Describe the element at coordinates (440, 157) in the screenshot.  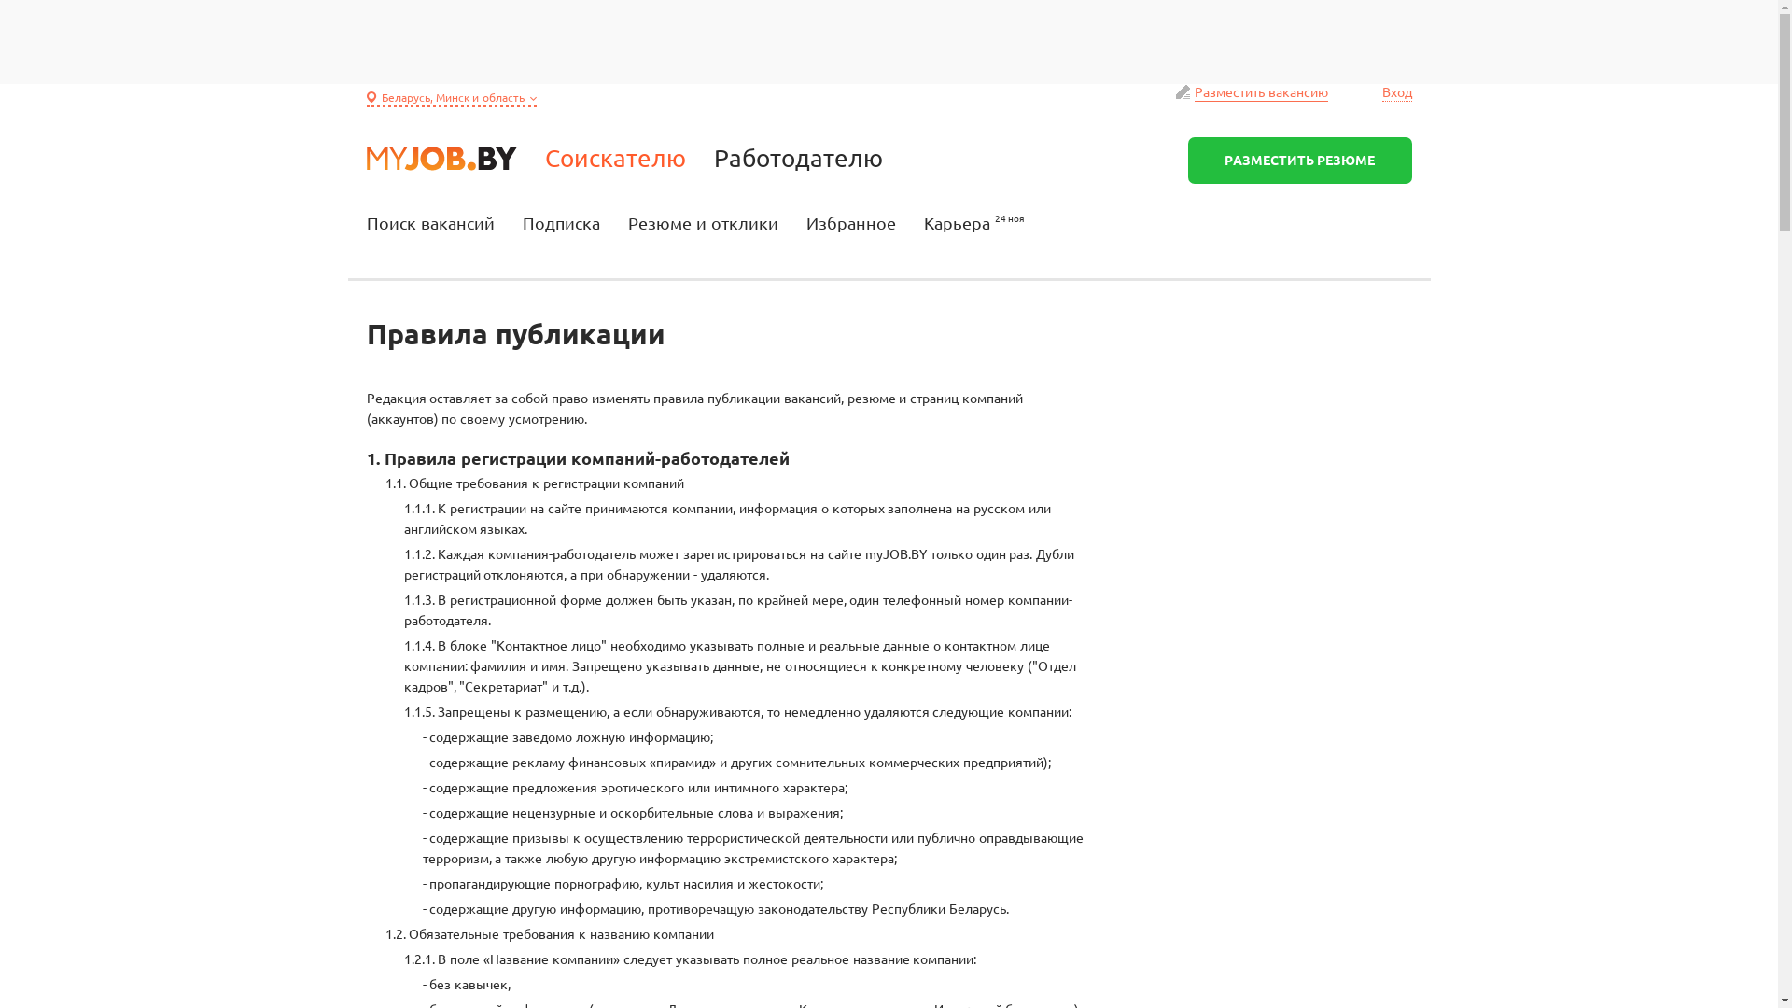
I see `'myJOB.BY'` at that location.